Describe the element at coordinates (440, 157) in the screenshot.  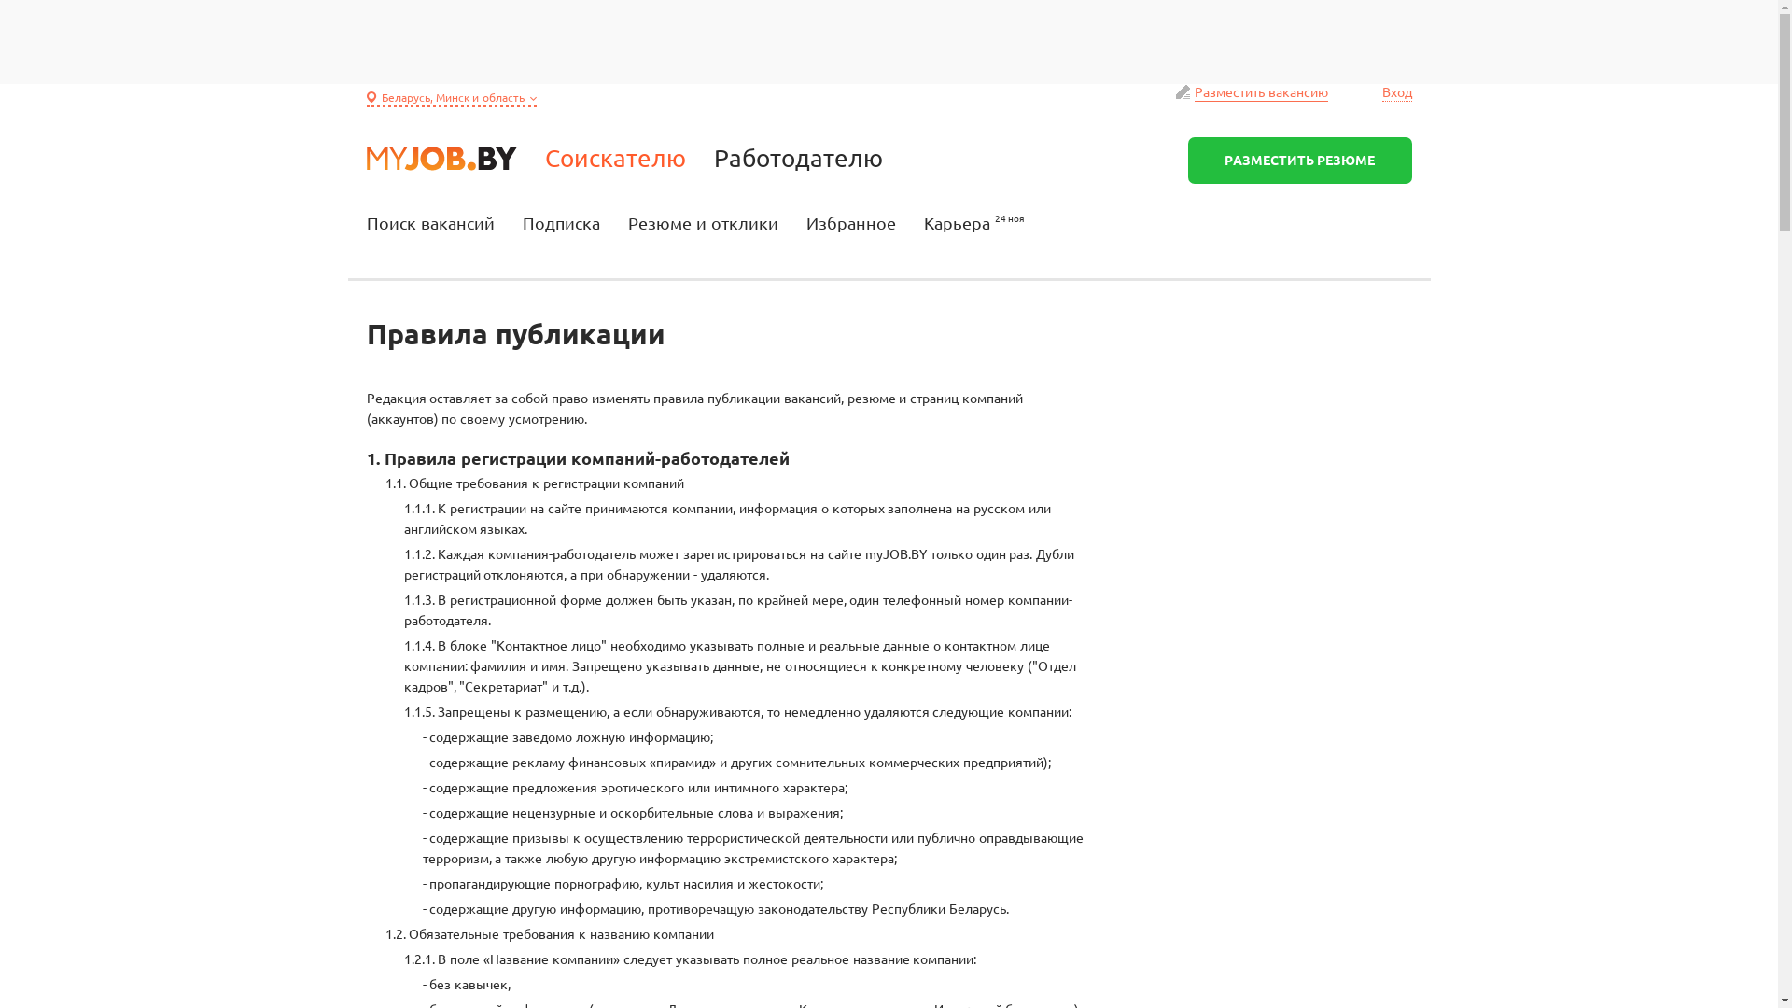
I see `'myJOB.BY'` at that location.